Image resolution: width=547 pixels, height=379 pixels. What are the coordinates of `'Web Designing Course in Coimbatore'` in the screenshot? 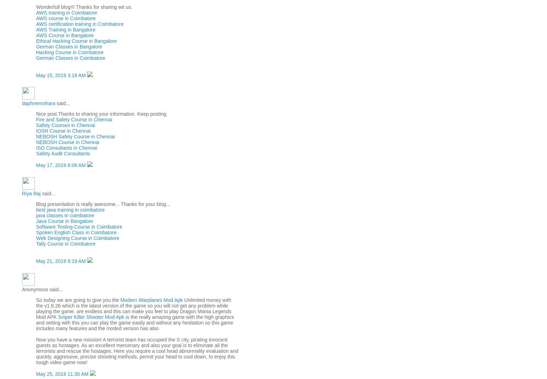 It's located at (77, 238).